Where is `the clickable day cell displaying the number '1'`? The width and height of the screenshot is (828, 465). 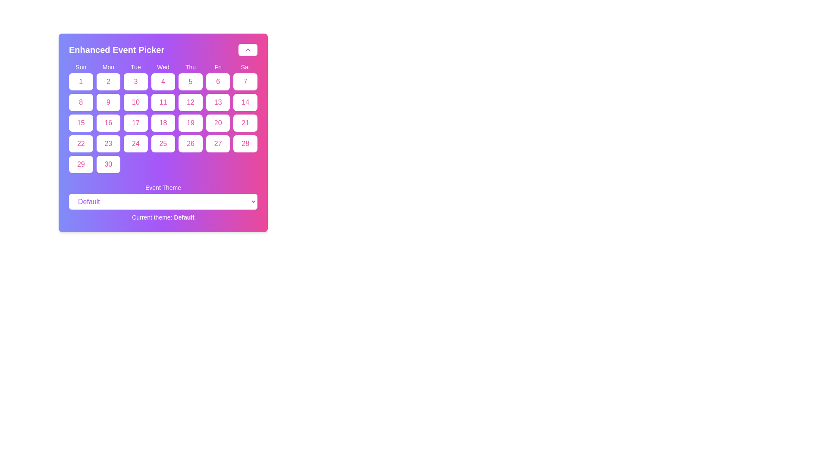 the clickable day cell displaying the number '1' is located at coordinates (81, 81).